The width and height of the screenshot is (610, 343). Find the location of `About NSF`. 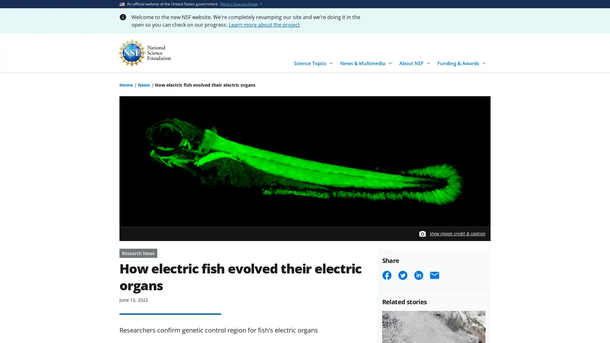

About NSF is located at coordinates (416, 61).